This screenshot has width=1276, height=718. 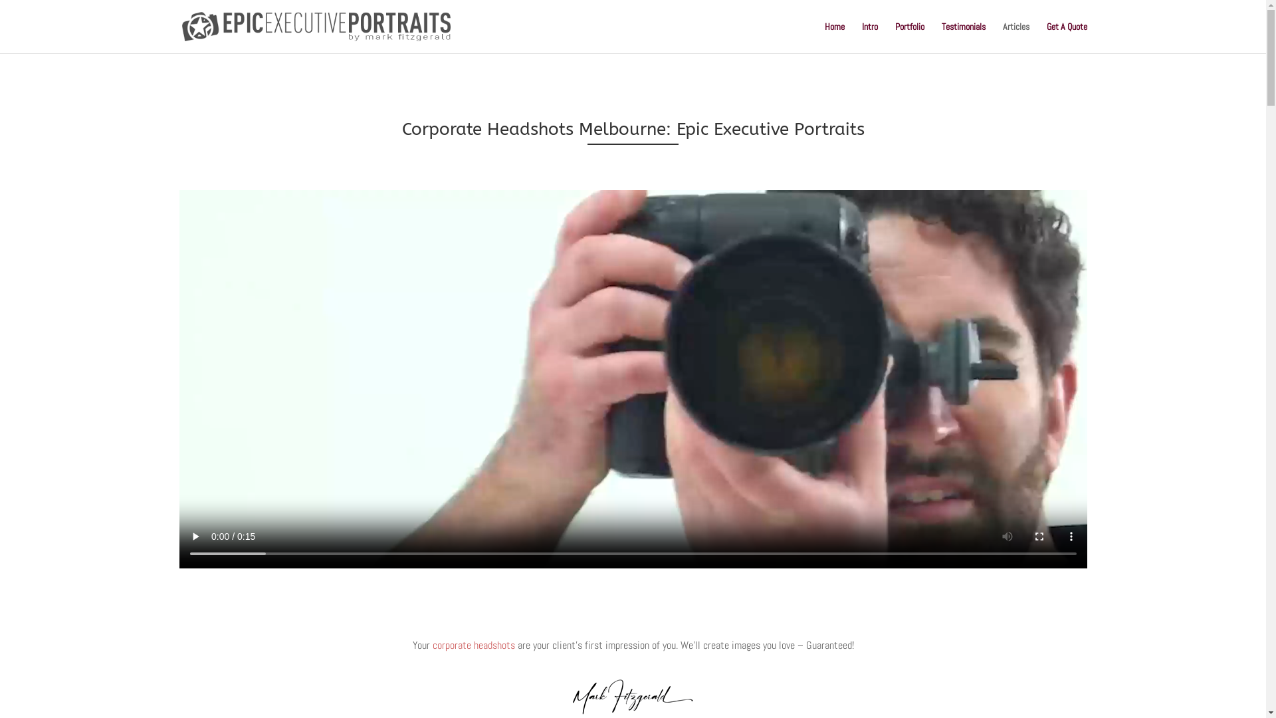 I want to click on 'Portfolio', so click(x=908, y=37).